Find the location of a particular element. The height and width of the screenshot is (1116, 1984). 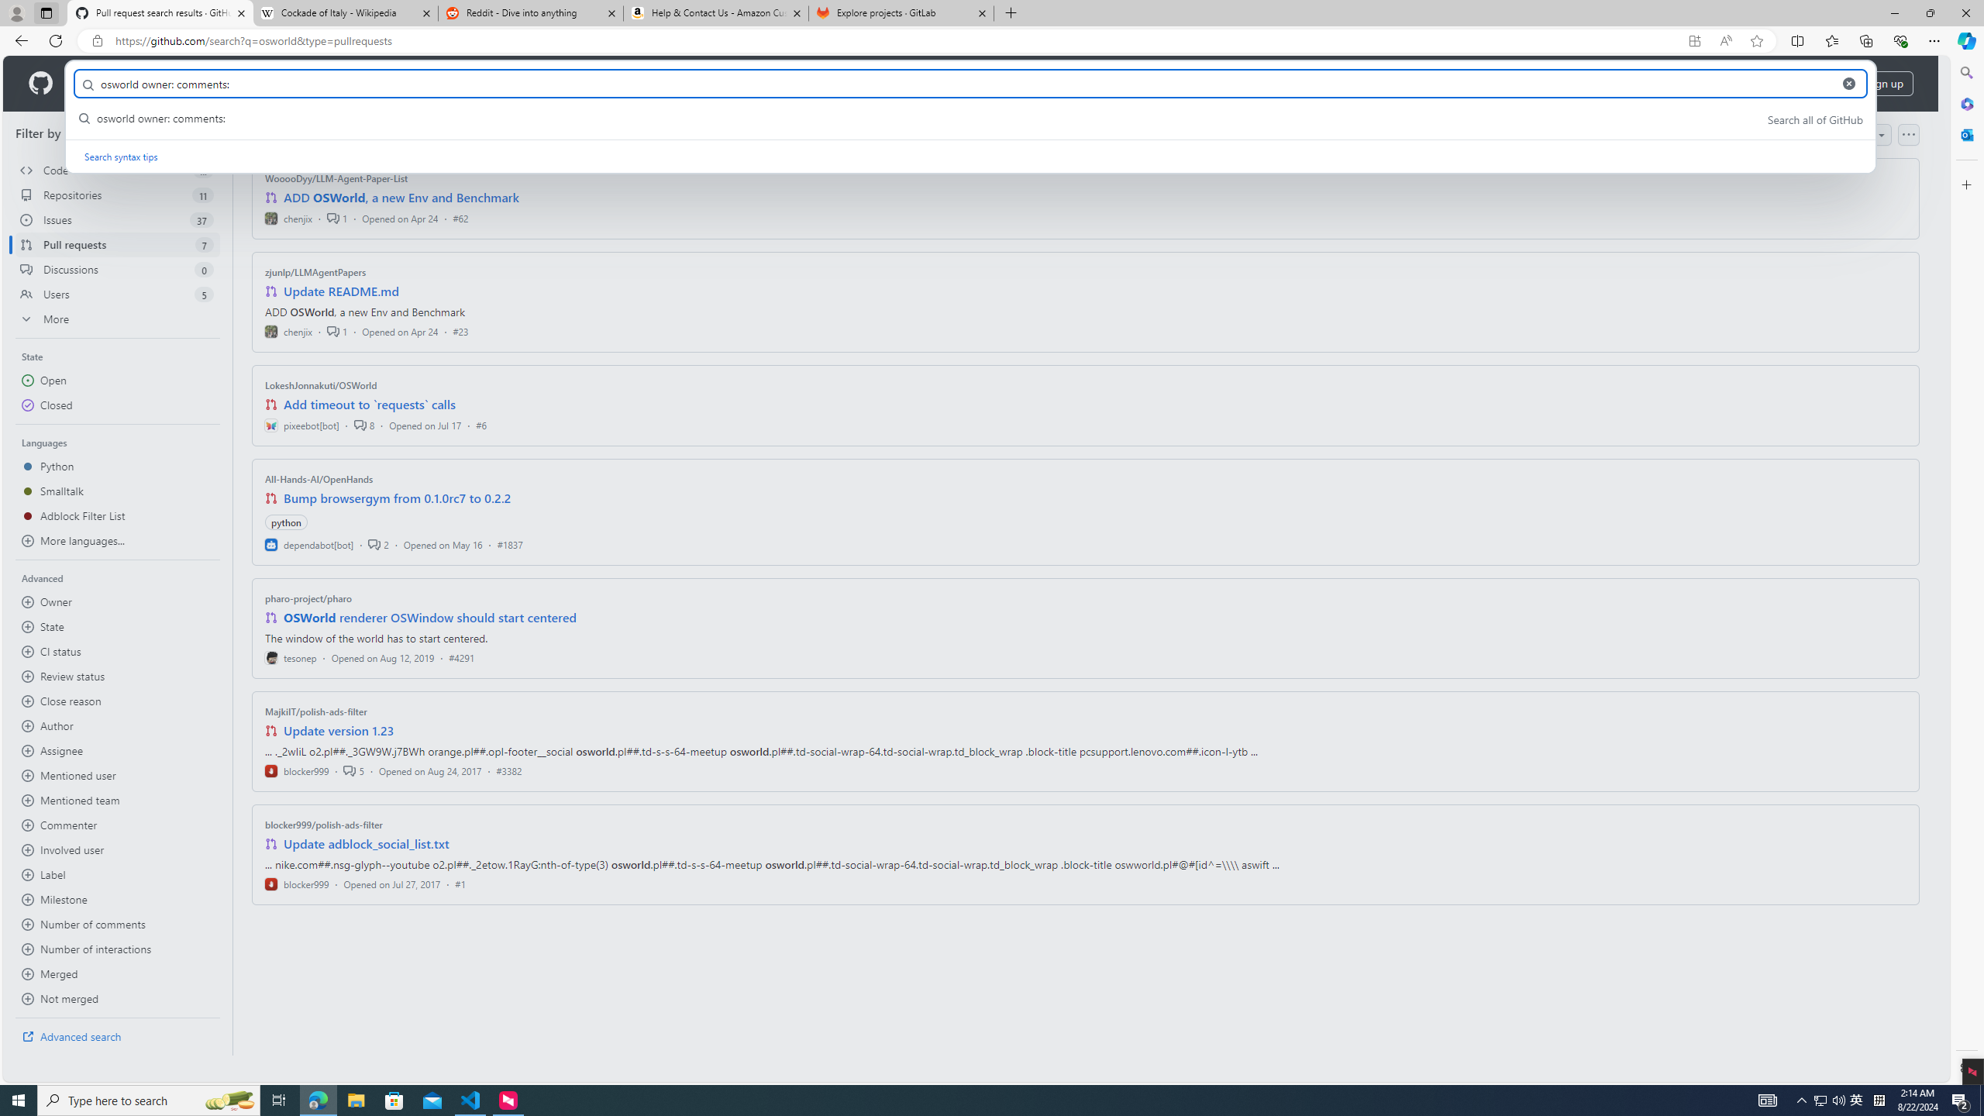

'Advanced search' is located at coordinates (117, 1035).